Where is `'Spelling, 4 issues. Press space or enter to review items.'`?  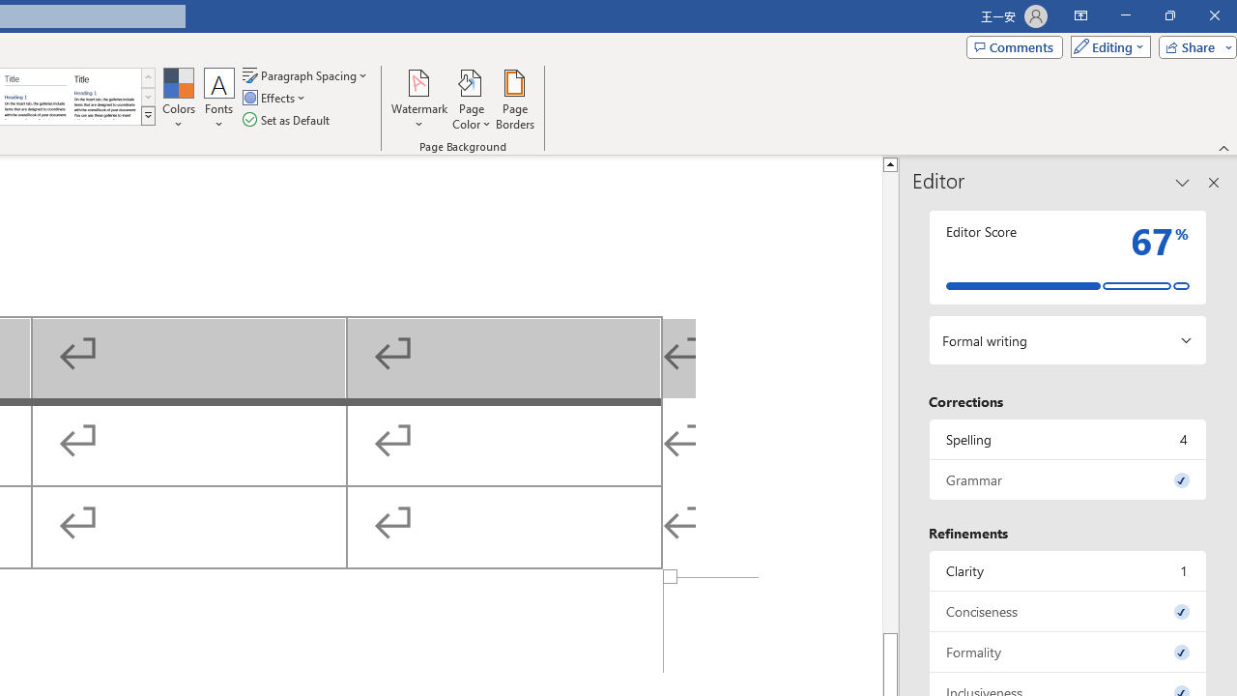 'Spelling, 4 issues. Press space or enter to review items.' is located at coordinates (1067, 439).